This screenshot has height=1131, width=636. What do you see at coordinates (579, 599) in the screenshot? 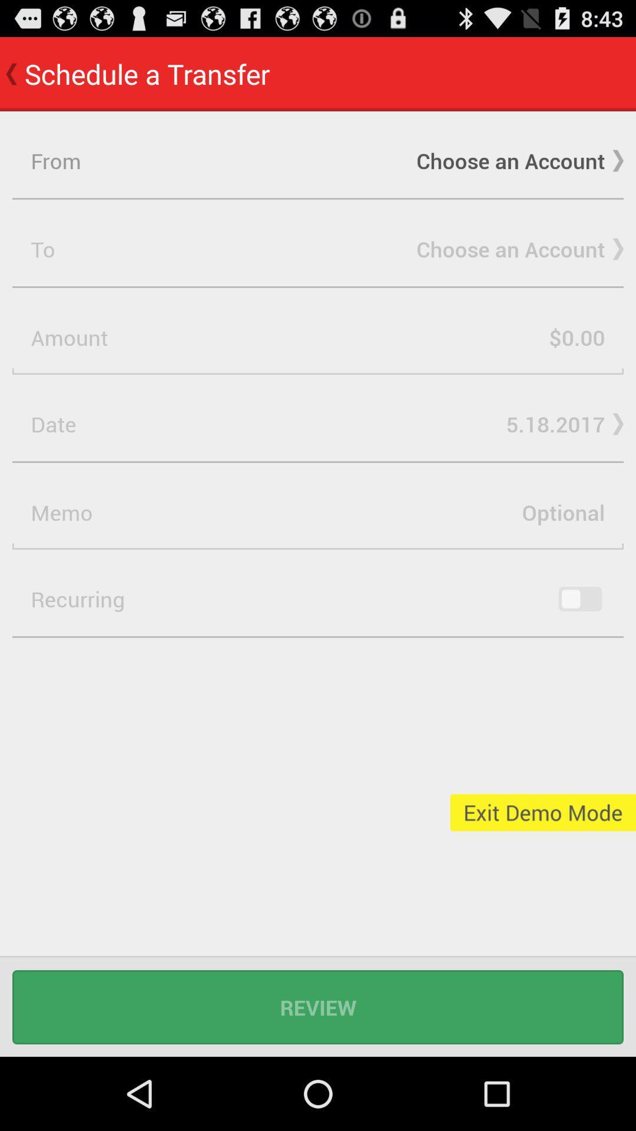
I see `set the recurring option` at bounding box center [579, 599].